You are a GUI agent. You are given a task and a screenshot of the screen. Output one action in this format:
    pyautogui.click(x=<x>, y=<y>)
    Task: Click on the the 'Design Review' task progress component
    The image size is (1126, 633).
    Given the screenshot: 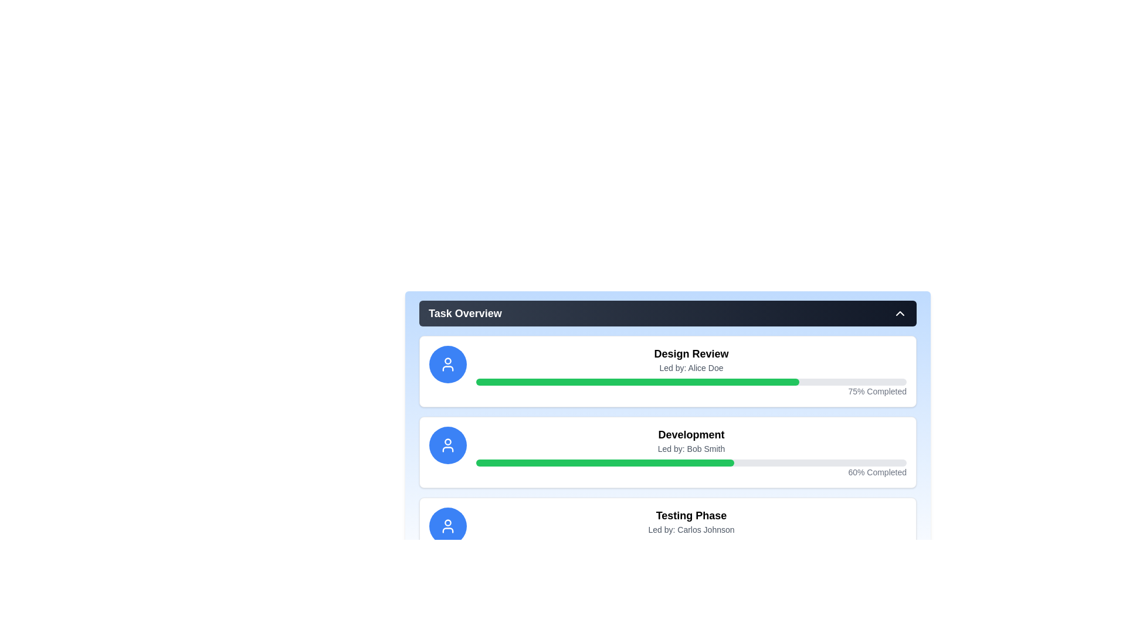 What is the action you would take?
    pyautogui.click(x=691, y=371)
    